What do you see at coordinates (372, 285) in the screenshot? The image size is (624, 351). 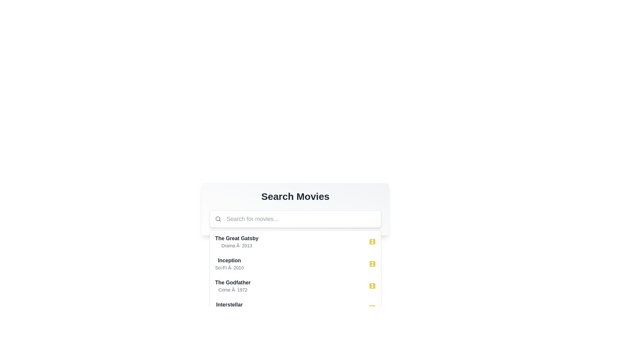 I see `the multimedia icon indicating the trailer for the movie 'The Godfather', located on the far-right side of the row displaying 'The Godfather' and 'Crime · 1972'` at bounding box center [372, 285].